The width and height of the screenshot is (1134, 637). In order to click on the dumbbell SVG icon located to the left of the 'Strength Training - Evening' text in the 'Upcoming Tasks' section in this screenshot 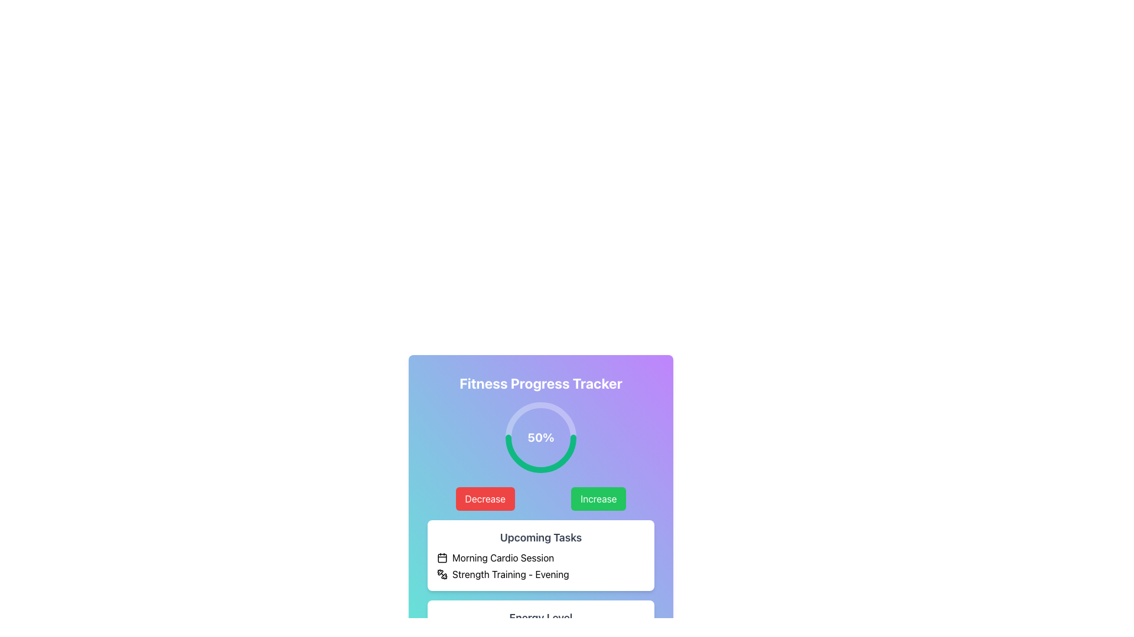, I will do `click(441, 574)`.